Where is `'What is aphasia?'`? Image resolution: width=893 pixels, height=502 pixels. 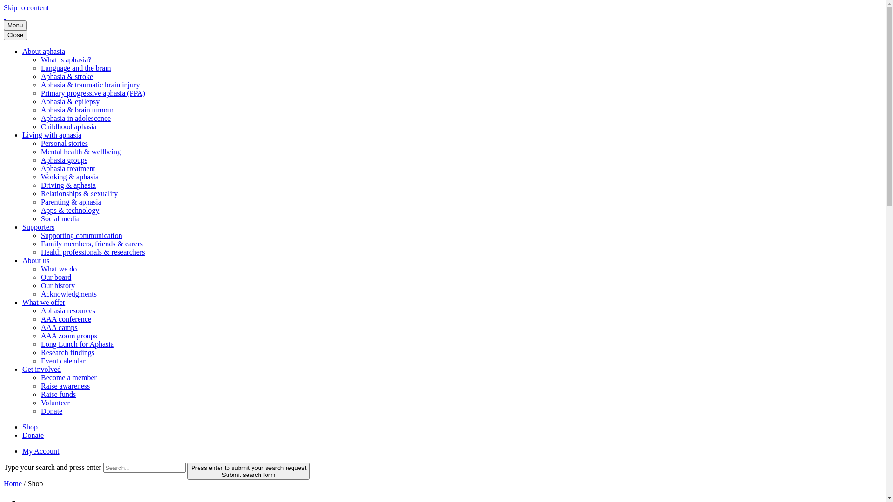
'What is aphasia?' is located at coordinates (66, 59).